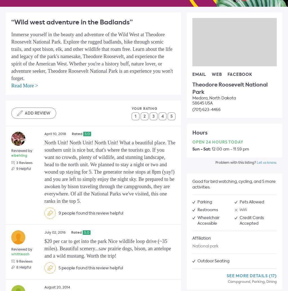 The height and width of the screenshot is (291, 288). Describe the element at coordinates (20, 254) in the screenshot. I see `'whitteach'` at that location.